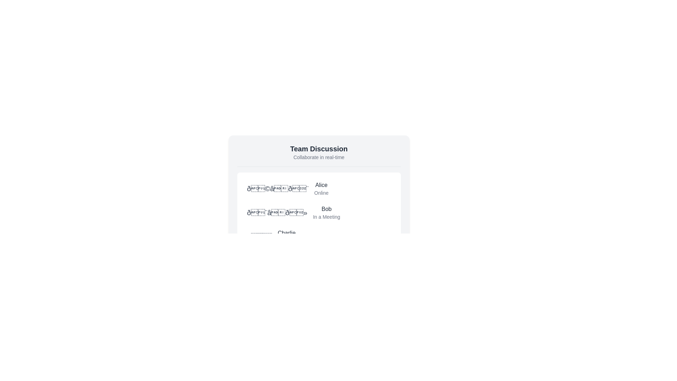  I want to click on the envelope icon styled in gray, located in the leftmost region of the layout, which includes the header text 'Charlie' and status text 'Away', so click(259, 237).